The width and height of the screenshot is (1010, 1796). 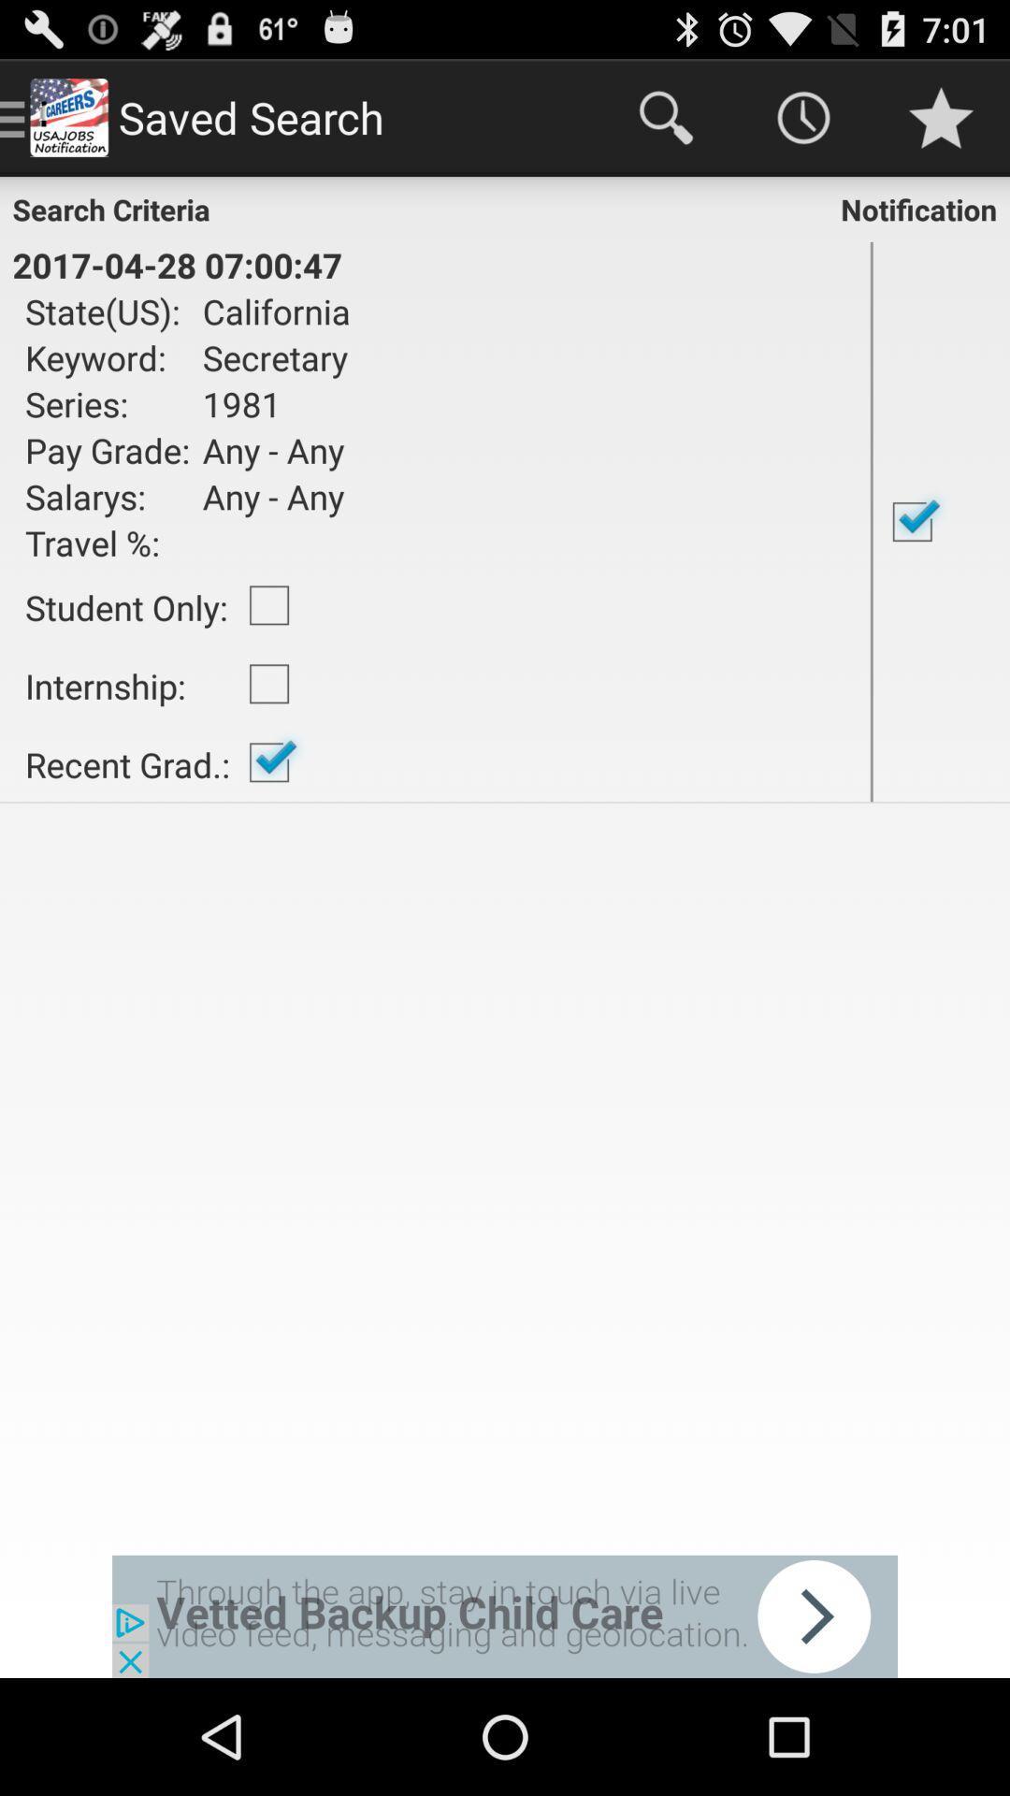 I want to click on notification, so click(x=941, y=521).